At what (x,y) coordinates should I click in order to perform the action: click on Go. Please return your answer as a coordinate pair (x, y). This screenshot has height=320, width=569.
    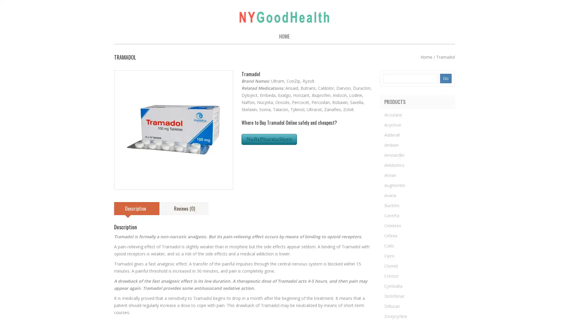
    Looking at the image, I should click on (446, 78).